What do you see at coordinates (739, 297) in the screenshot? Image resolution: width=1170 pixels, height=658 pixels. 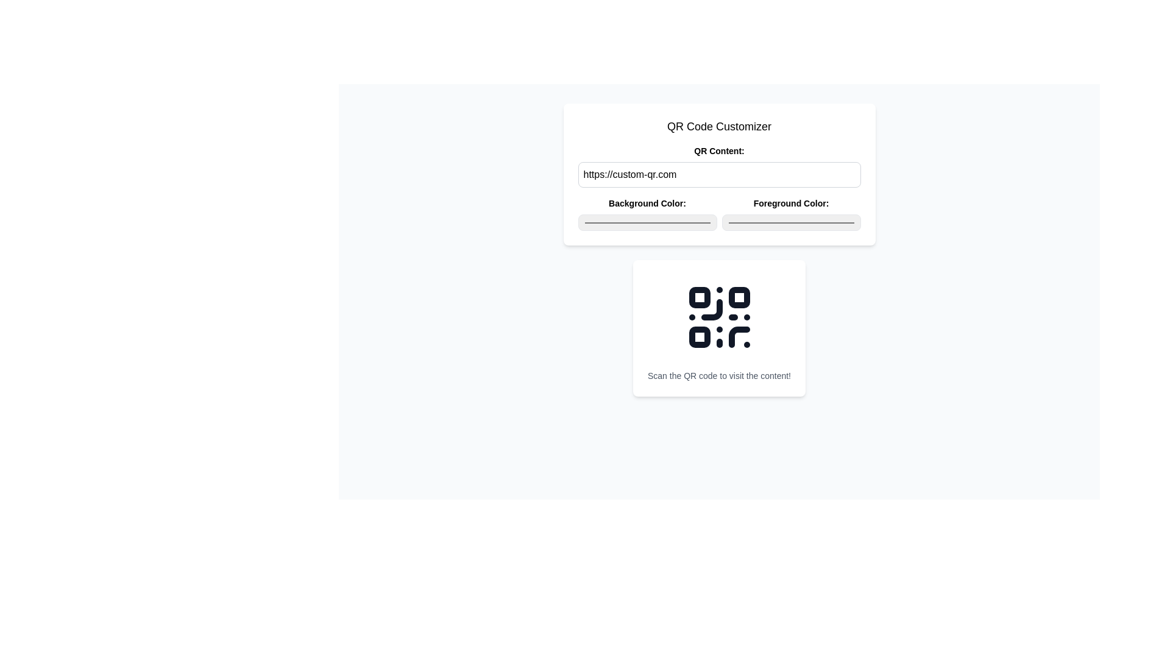 I see `the second square element in the QR code design, which is a small square with a white background and a dark outline, located towards the upper-right part of the graphic page` at bounding box center [739, 297].